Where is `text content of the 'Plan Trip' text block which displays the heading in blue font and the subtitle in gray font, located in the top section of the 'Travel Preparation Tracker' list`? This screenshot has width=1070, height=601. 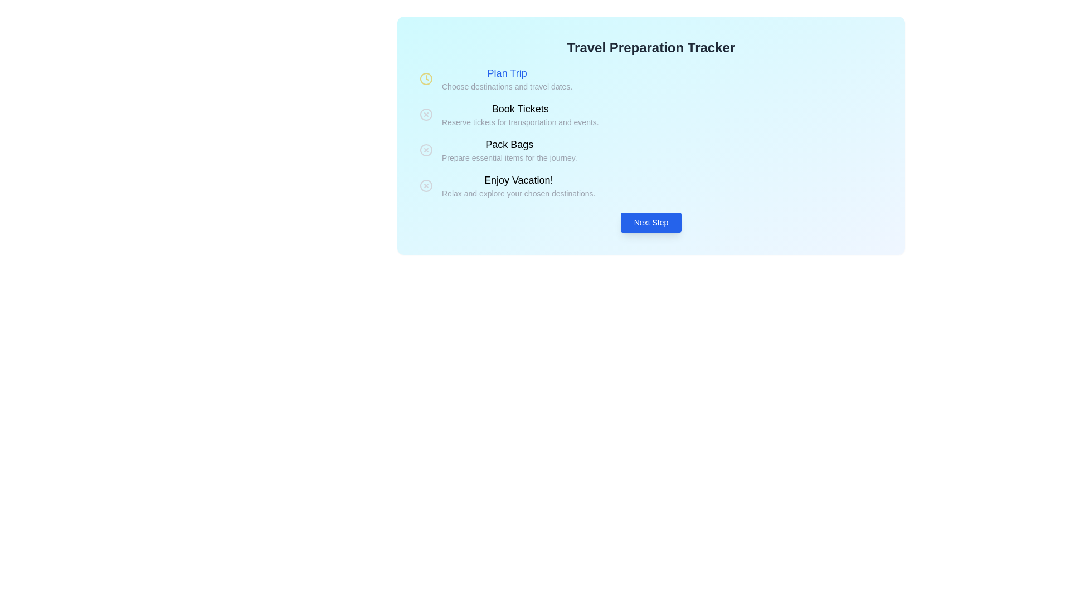 text content of the 'Plan Trip' text block which displays the heading in blue font and the subtitle in gray font, located in the top section of the 'Travel Preparation Tracker' list is located at coordinates (507, 78).